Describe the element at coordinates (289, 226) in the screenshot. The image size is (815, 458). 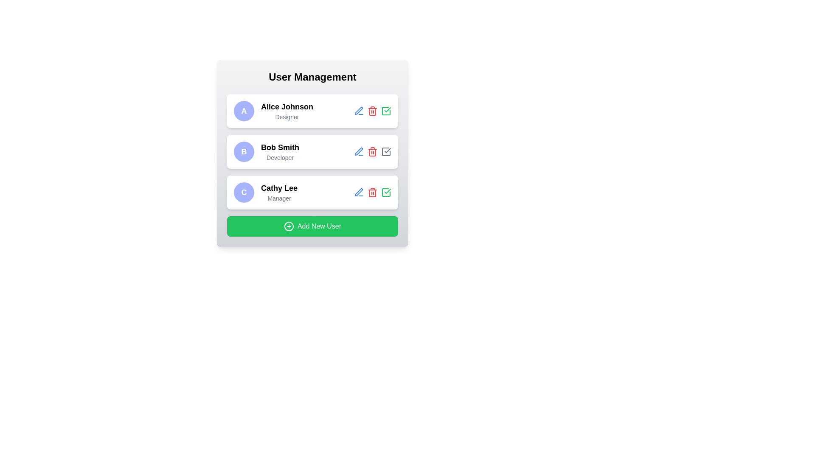
I see `the SVG circle component that is part of the 'Add New User' button, which is visually represented as a 'plus' icon within a green button located at the bottom of the User Management interface` at that location.